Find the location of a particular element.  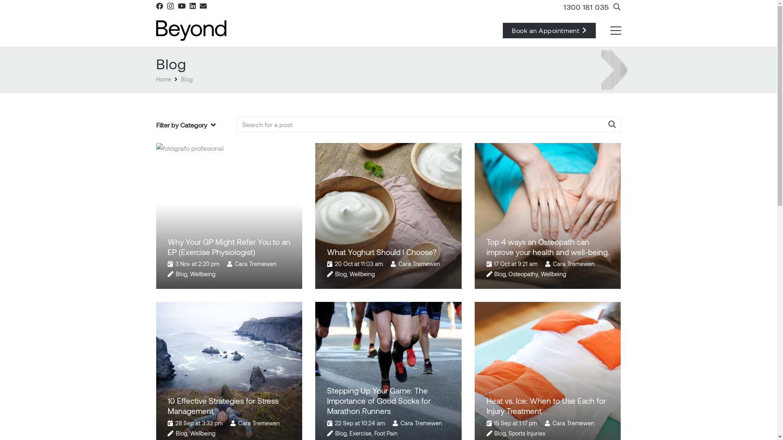

'Cara Tremewen' is located at coordinates (255, 264).